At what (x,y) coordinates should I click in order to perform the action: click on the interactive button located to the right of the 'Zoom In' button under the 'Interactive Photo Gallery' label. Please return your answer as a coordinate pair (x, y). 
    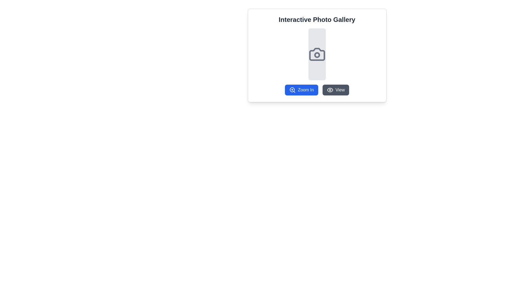
    Looking at the image, I should click on (335, 89).